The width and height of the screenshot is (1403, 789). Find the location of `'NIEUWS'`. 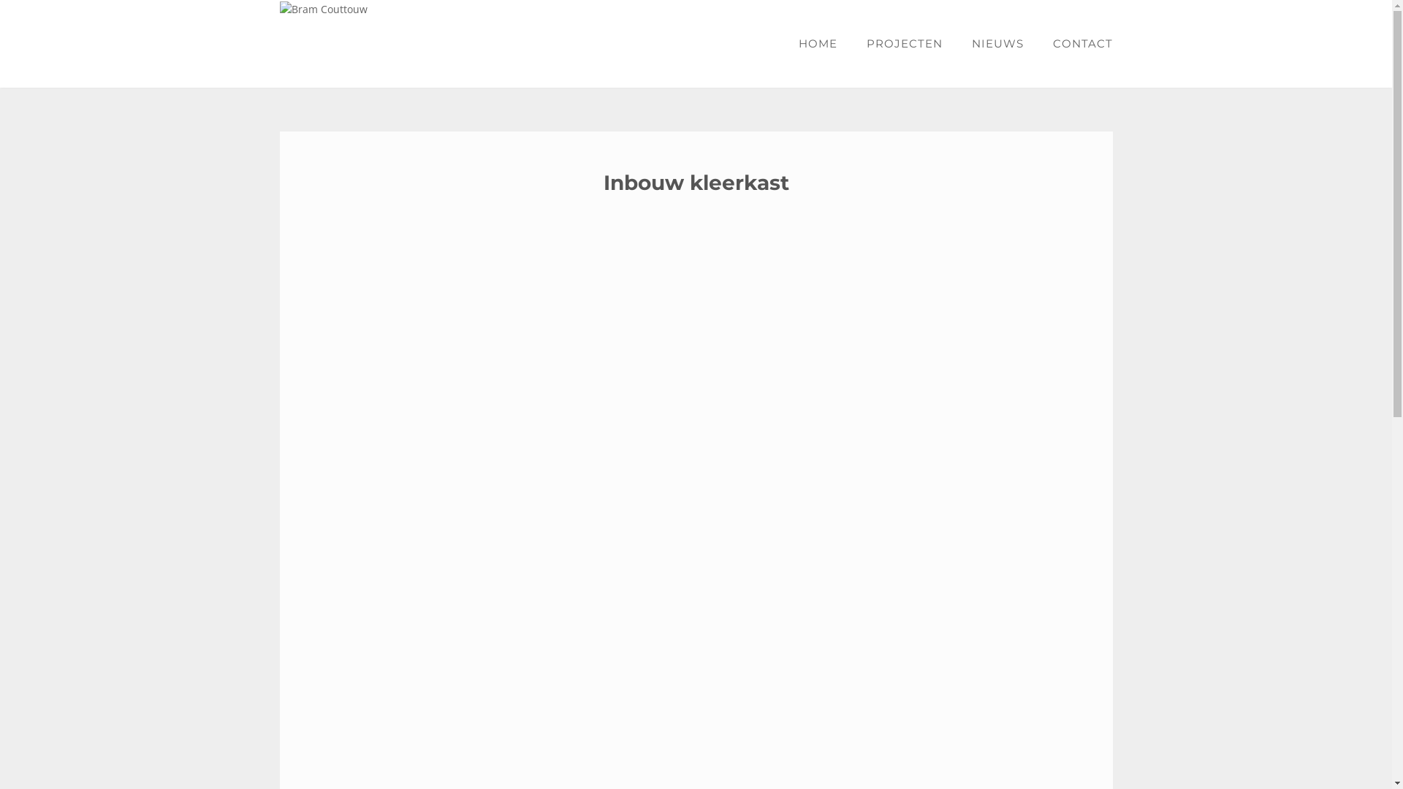

'NIEUWS' is located at coordinates (997, 43).